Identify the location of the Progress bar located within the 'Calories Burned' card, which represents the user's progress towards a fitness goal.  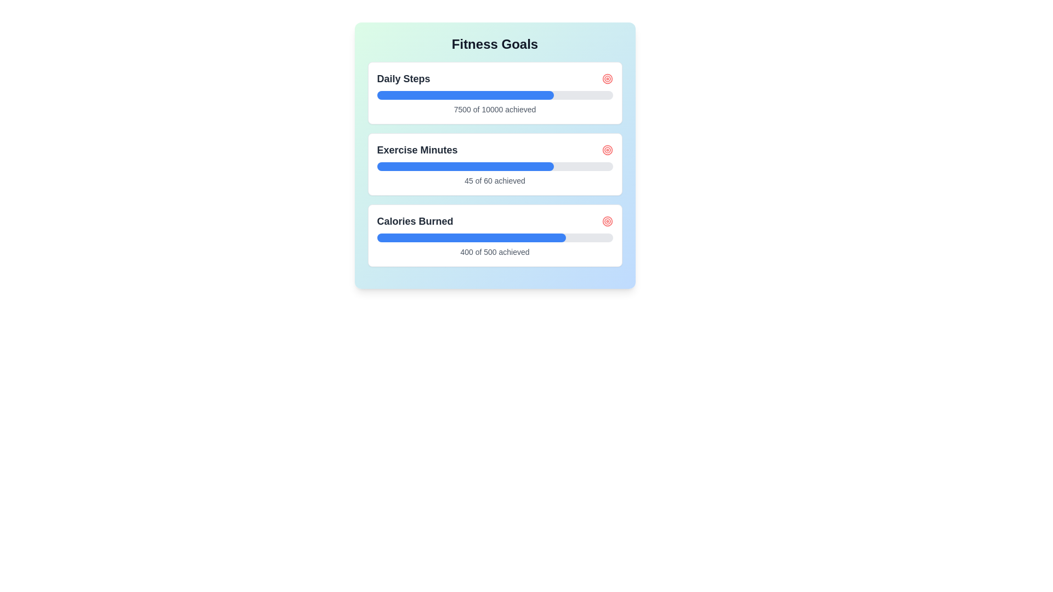
(494, 237).